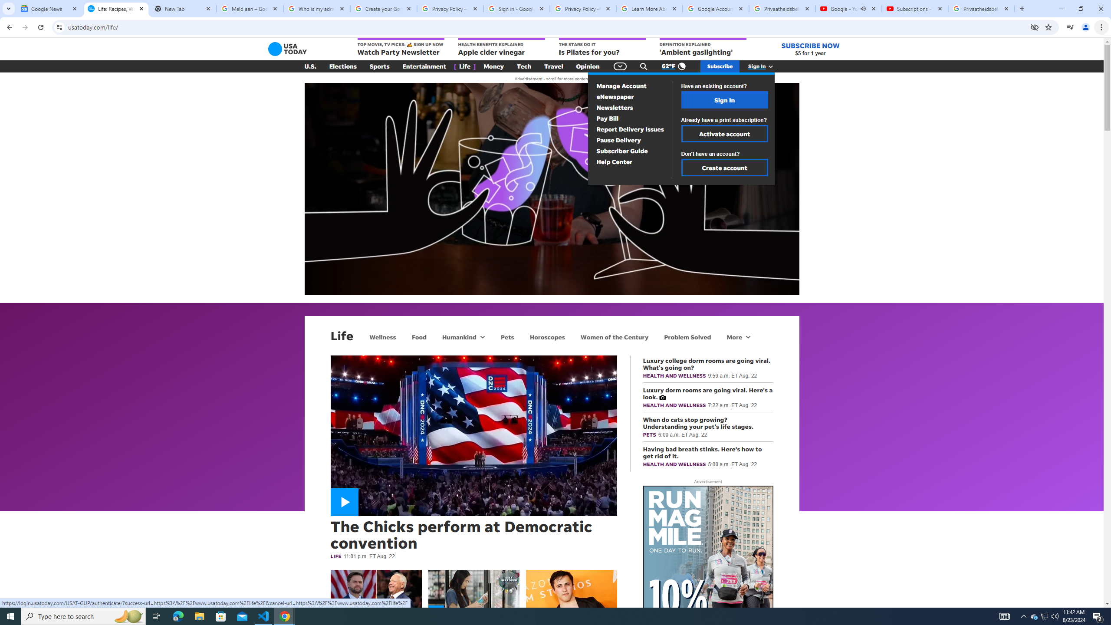 The height and width of the screenshot is (625, 1111). What do you see at coordinates (621, 86) in the screenshot?
I see `'Manage Account'` at bounding box center [621, 86].